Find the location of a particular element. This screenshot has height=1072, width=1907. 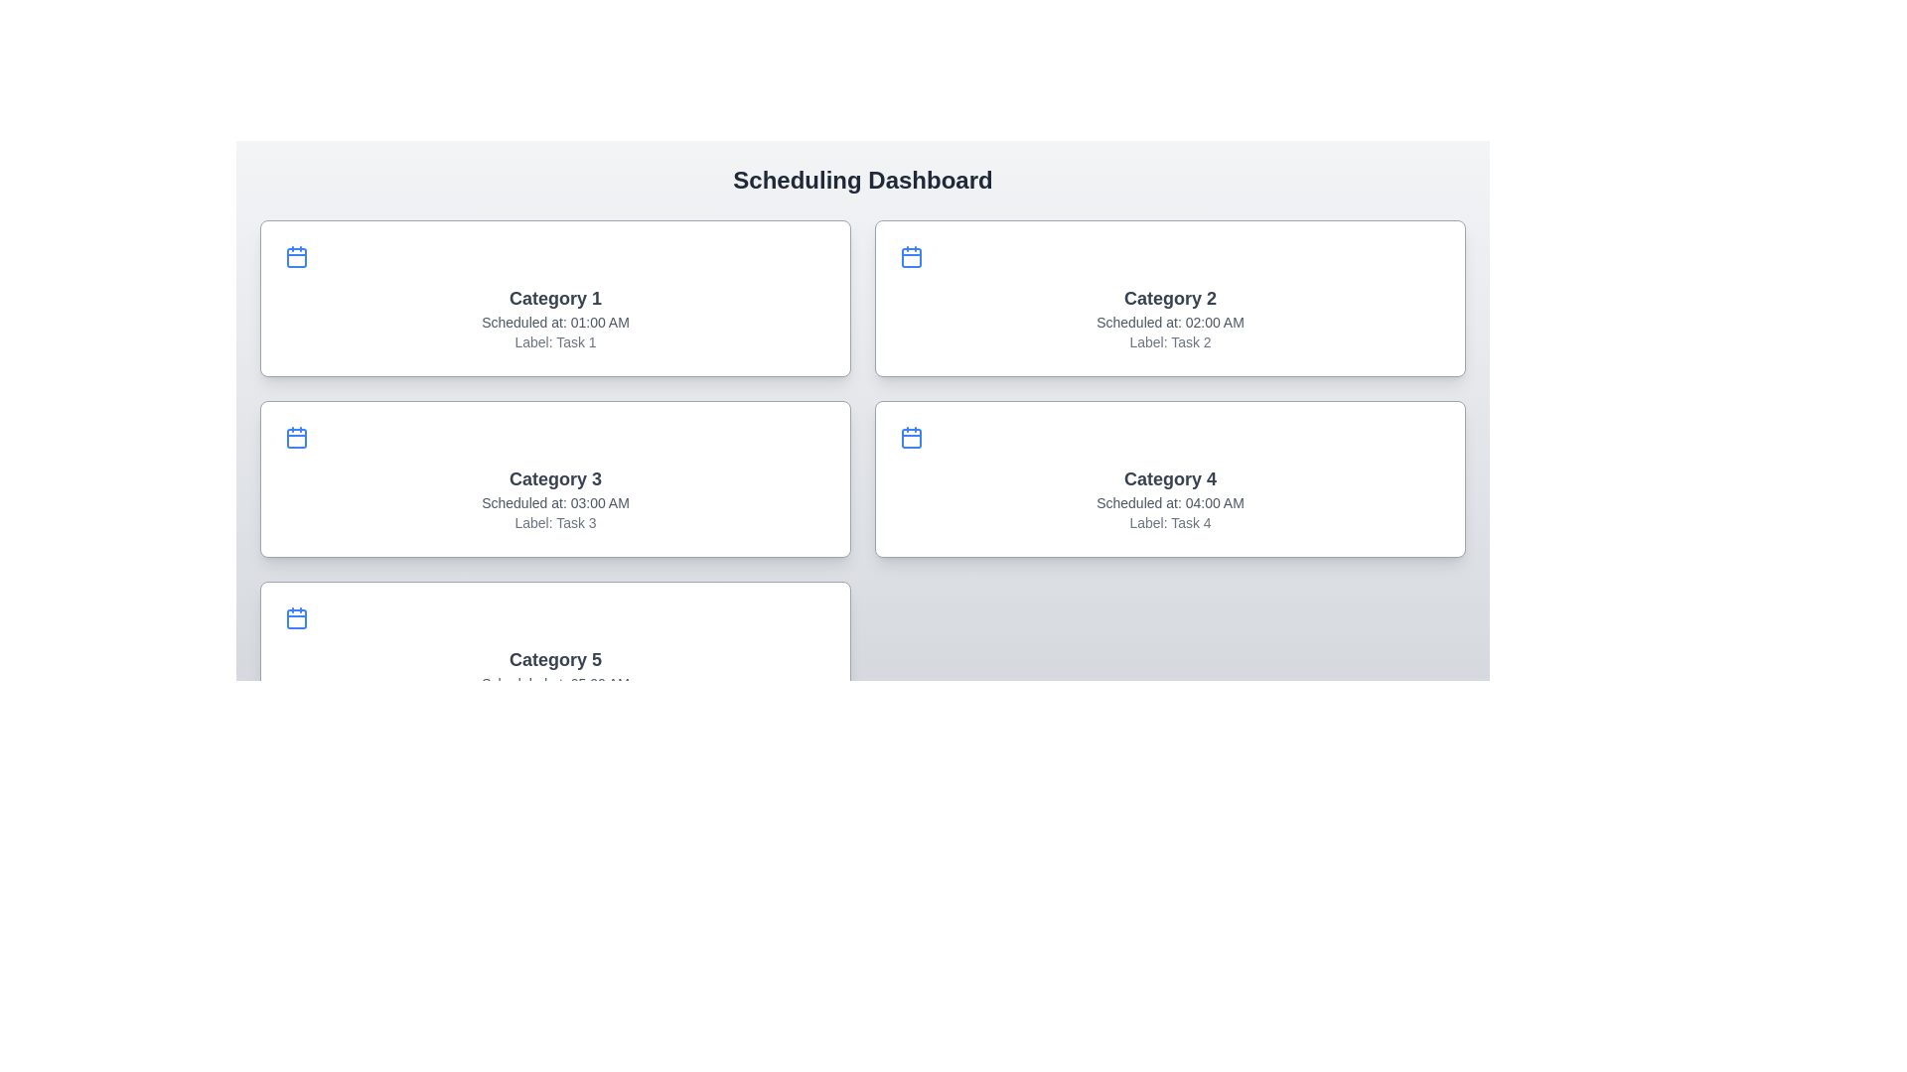

the calendar icon with a blue stroke located in the top-left corner of the section containing 'Category 5', 'Scheduled at: 05:00 AM', and 'Label: Task 5' is located at coordinates (295, 617).